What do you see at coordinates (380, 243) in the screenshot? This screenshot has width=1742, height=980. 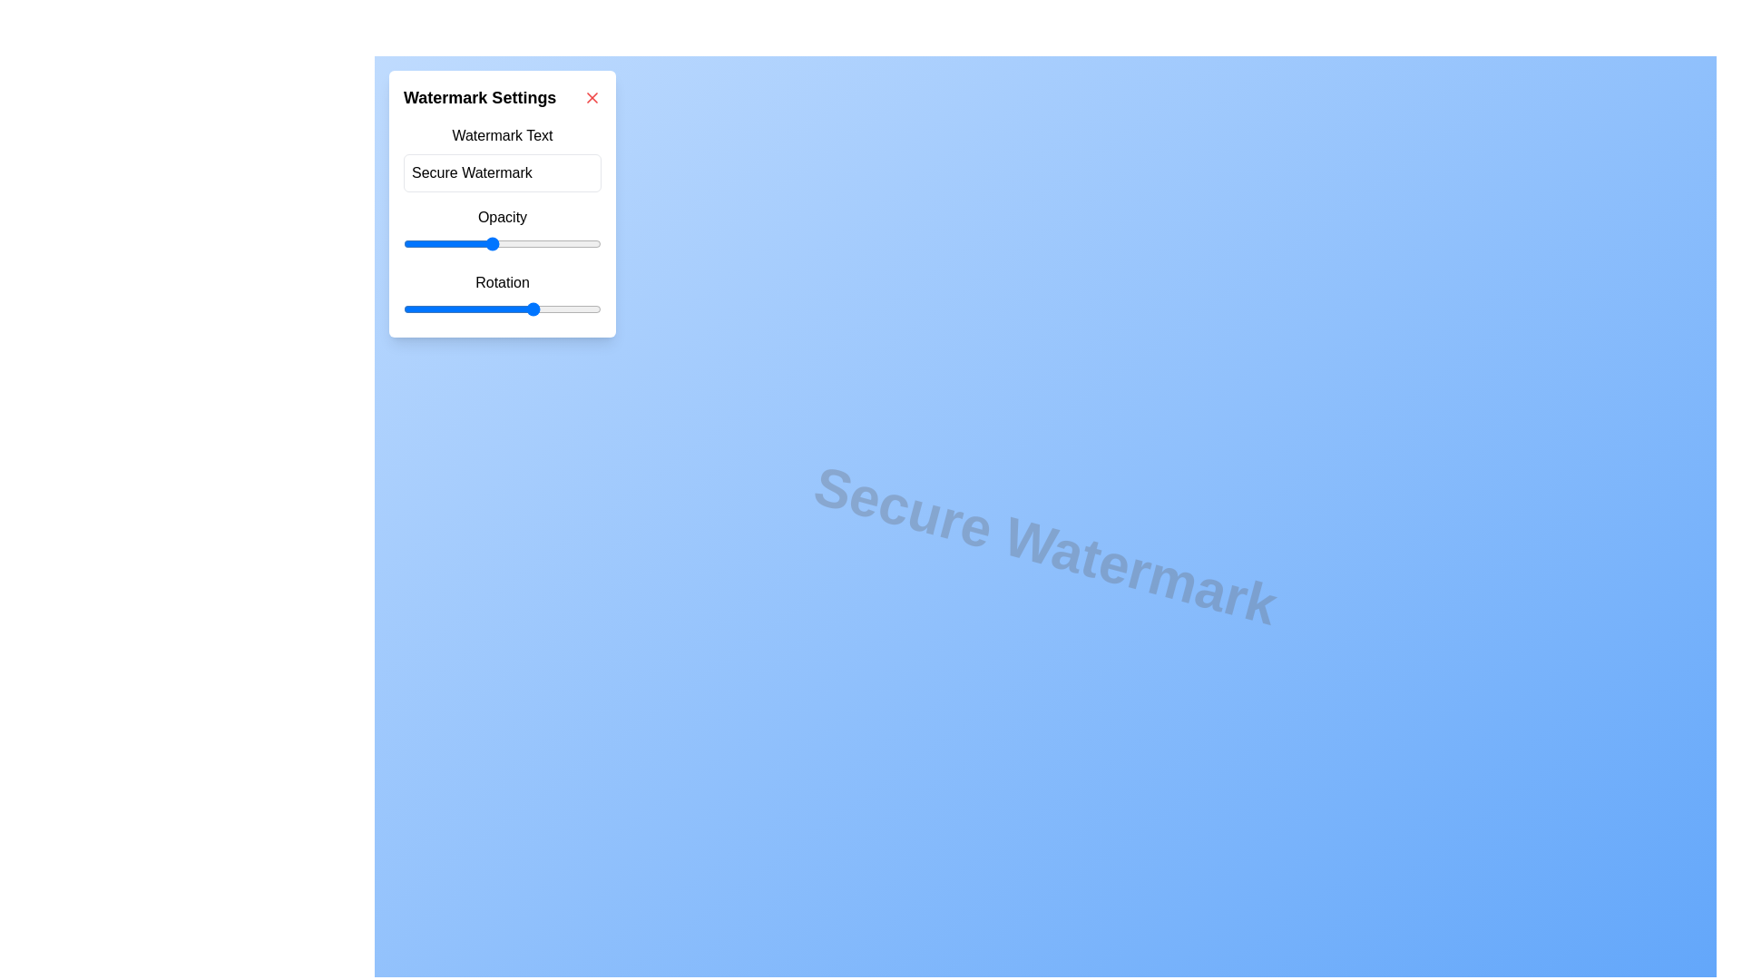 I see `the opacity value` at bounding box center [380, 243].